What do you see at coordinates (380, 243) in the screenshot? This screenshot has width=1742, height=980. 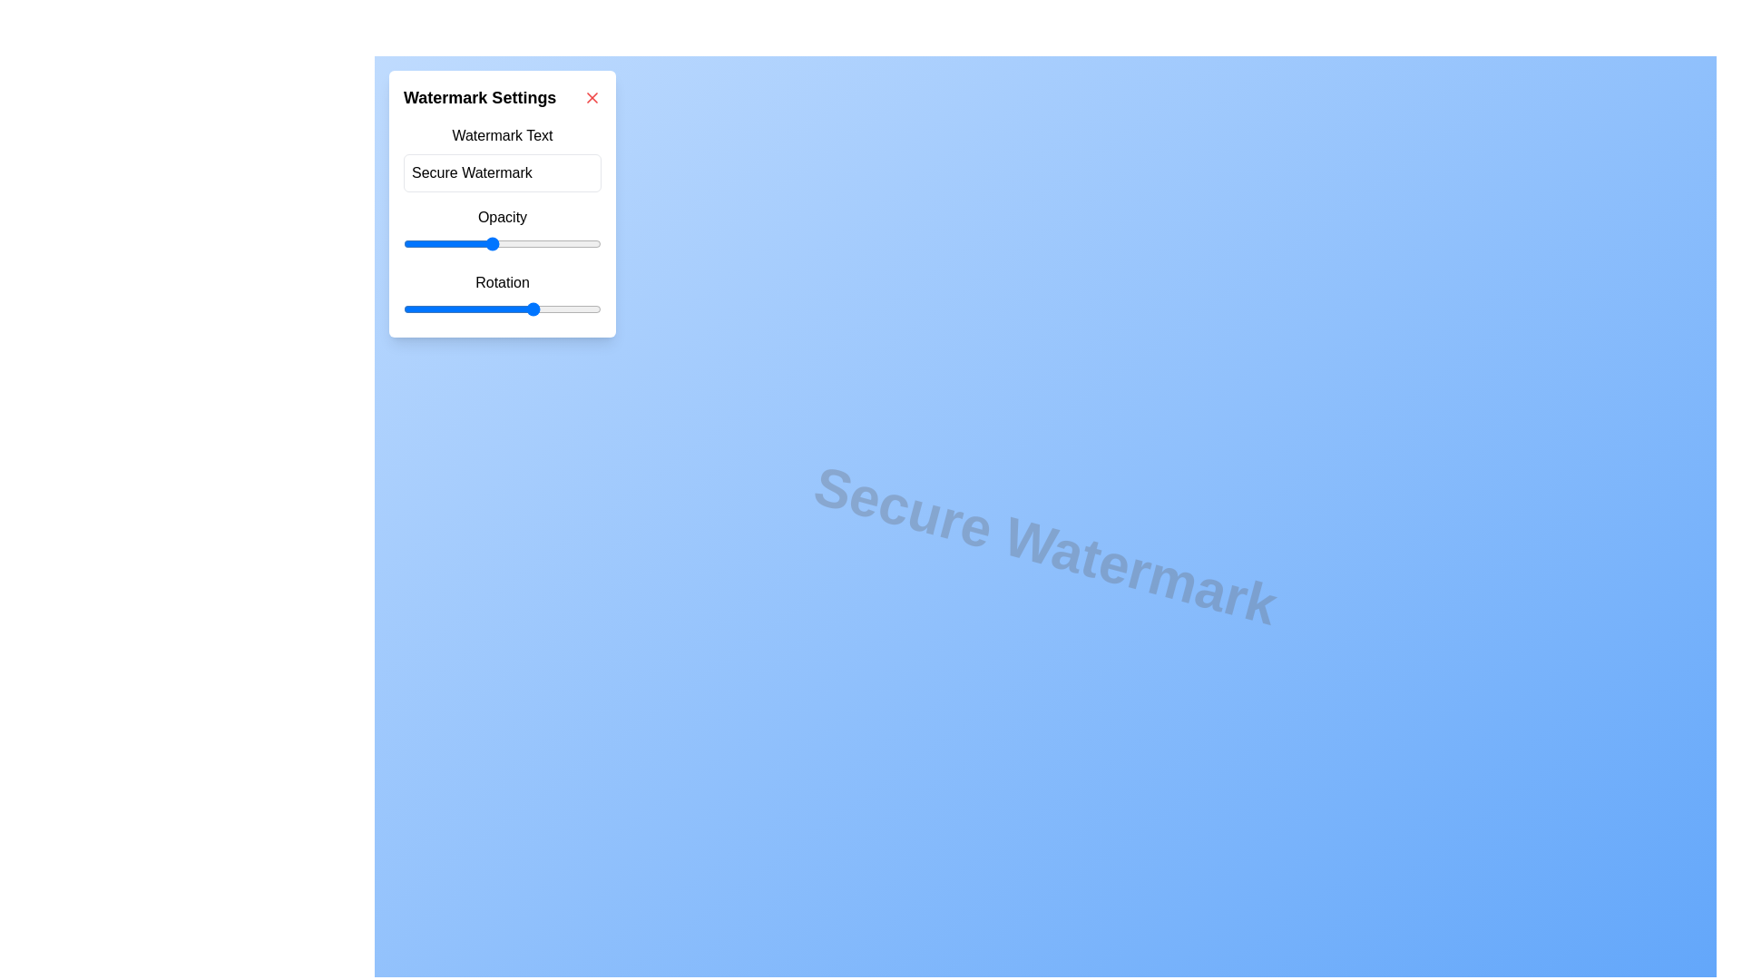 I see `the opacity value` at bounding box center [380, 243].